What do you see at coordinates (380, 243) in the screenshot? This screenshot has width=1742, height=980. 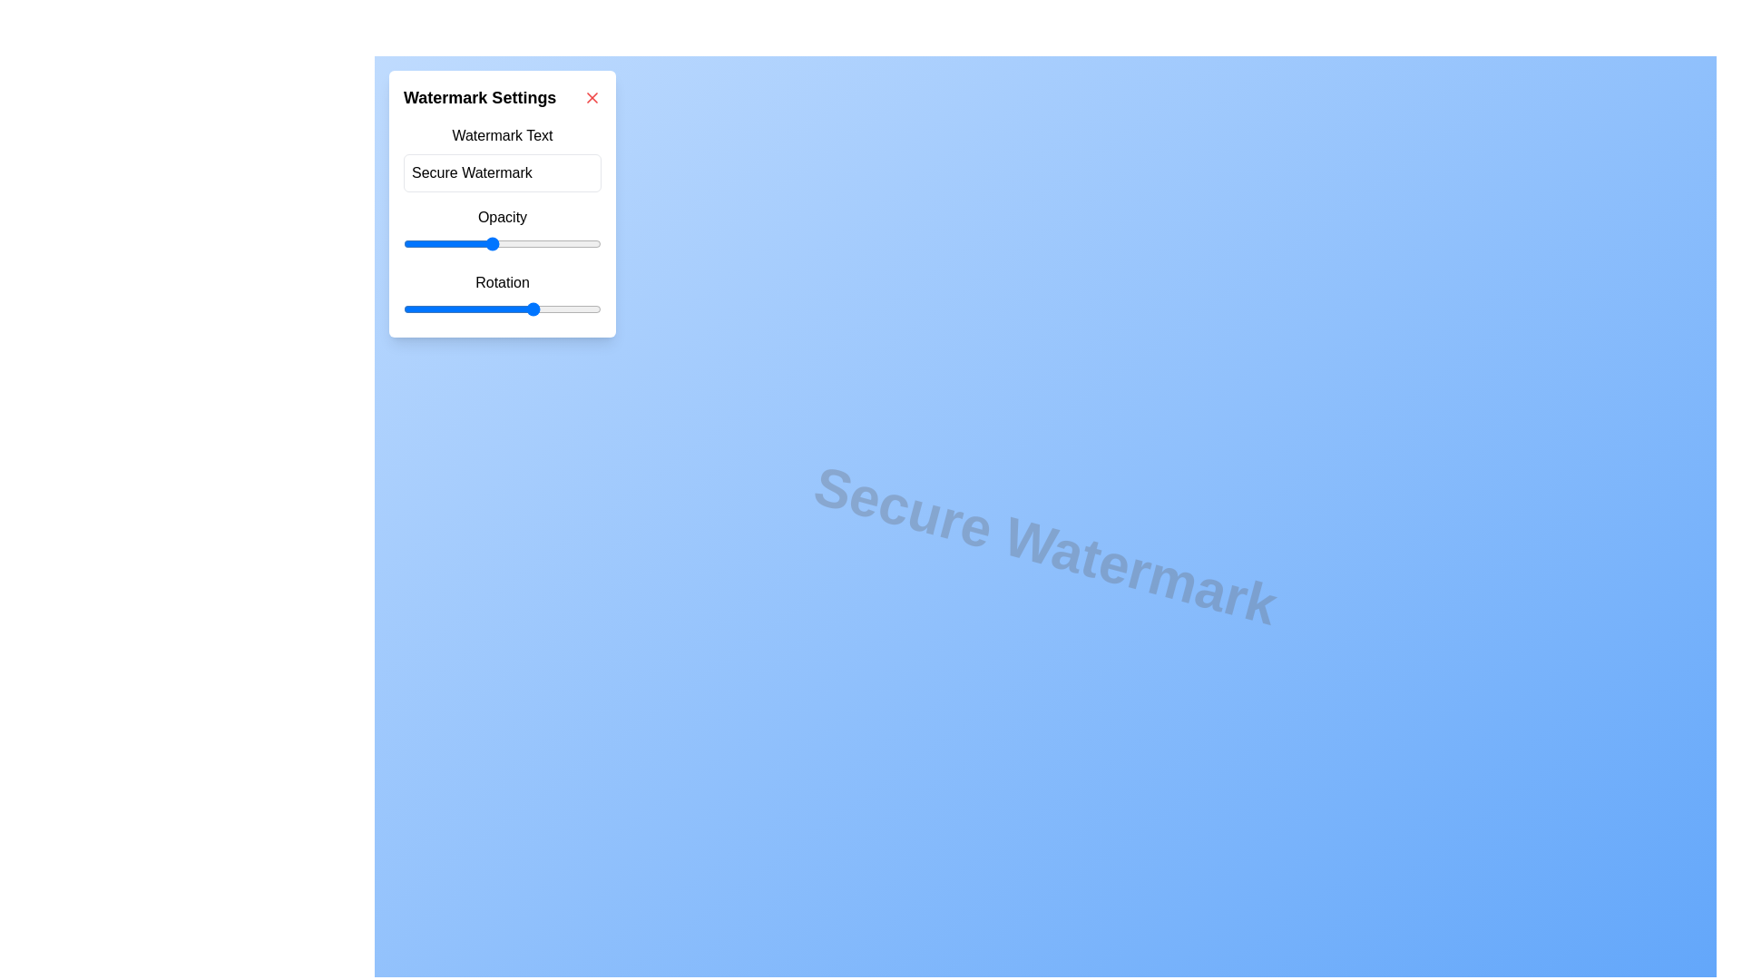 I see `the opacity value` at bounding box center [380, 243].